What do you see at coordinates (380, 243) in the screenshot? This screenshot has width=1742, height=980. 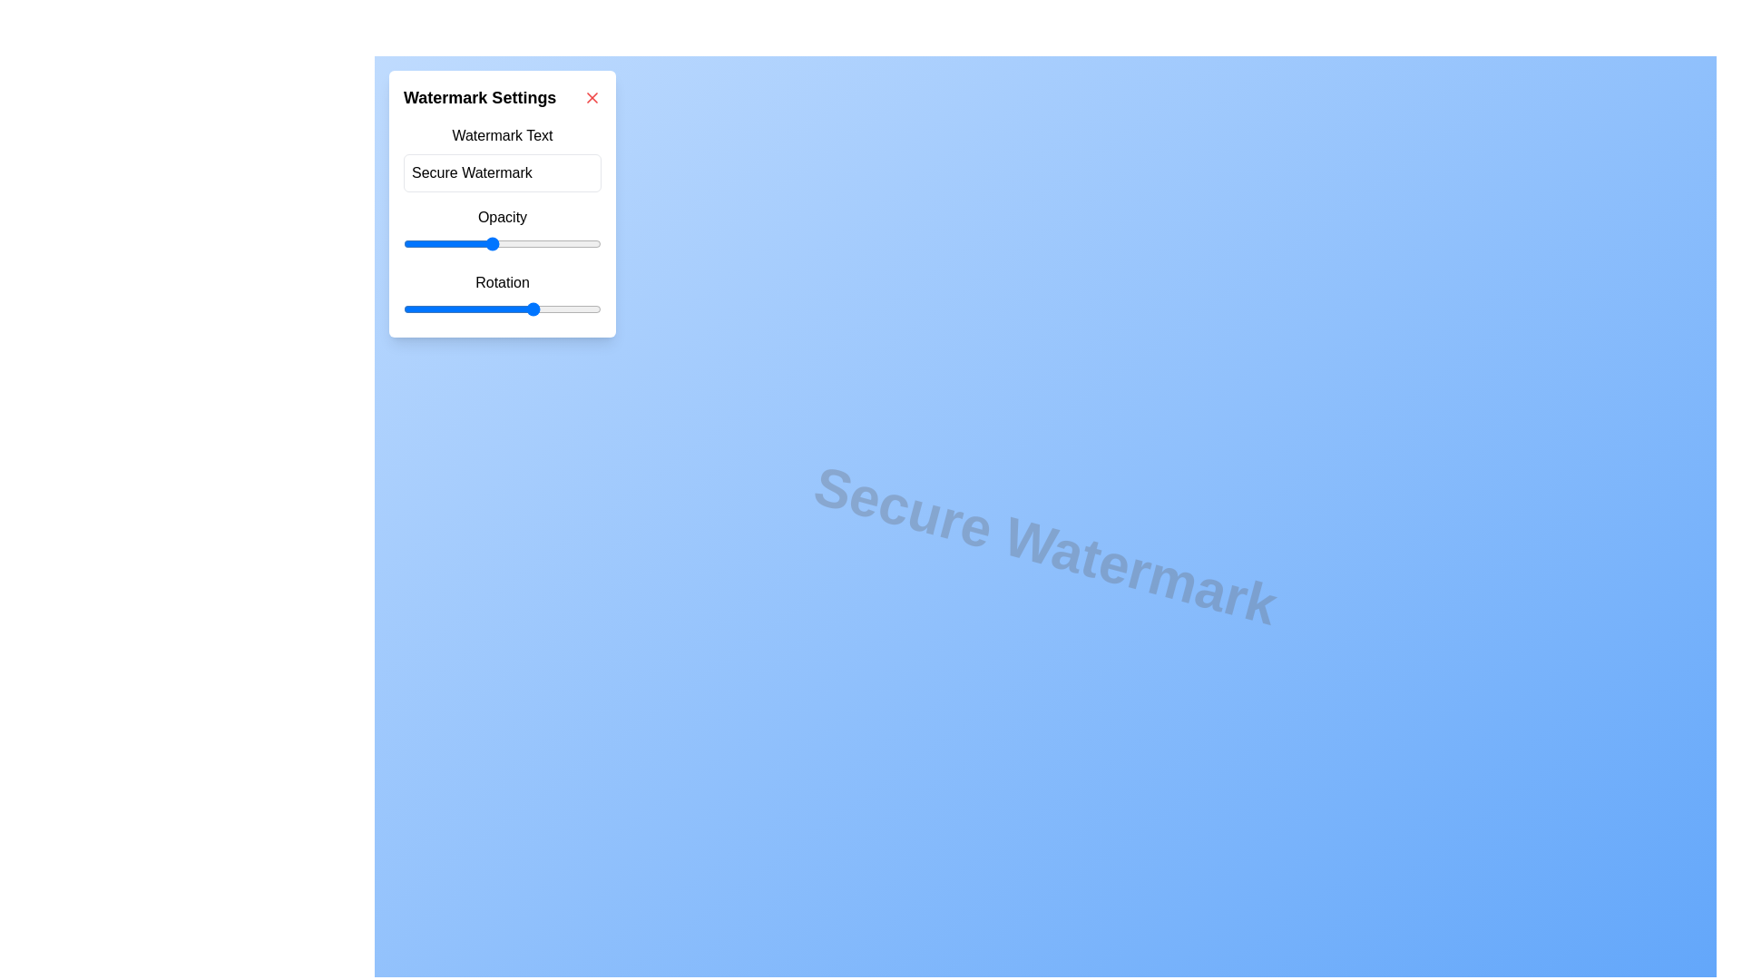 I see `the opacity value` at bounding box center [380, 243].